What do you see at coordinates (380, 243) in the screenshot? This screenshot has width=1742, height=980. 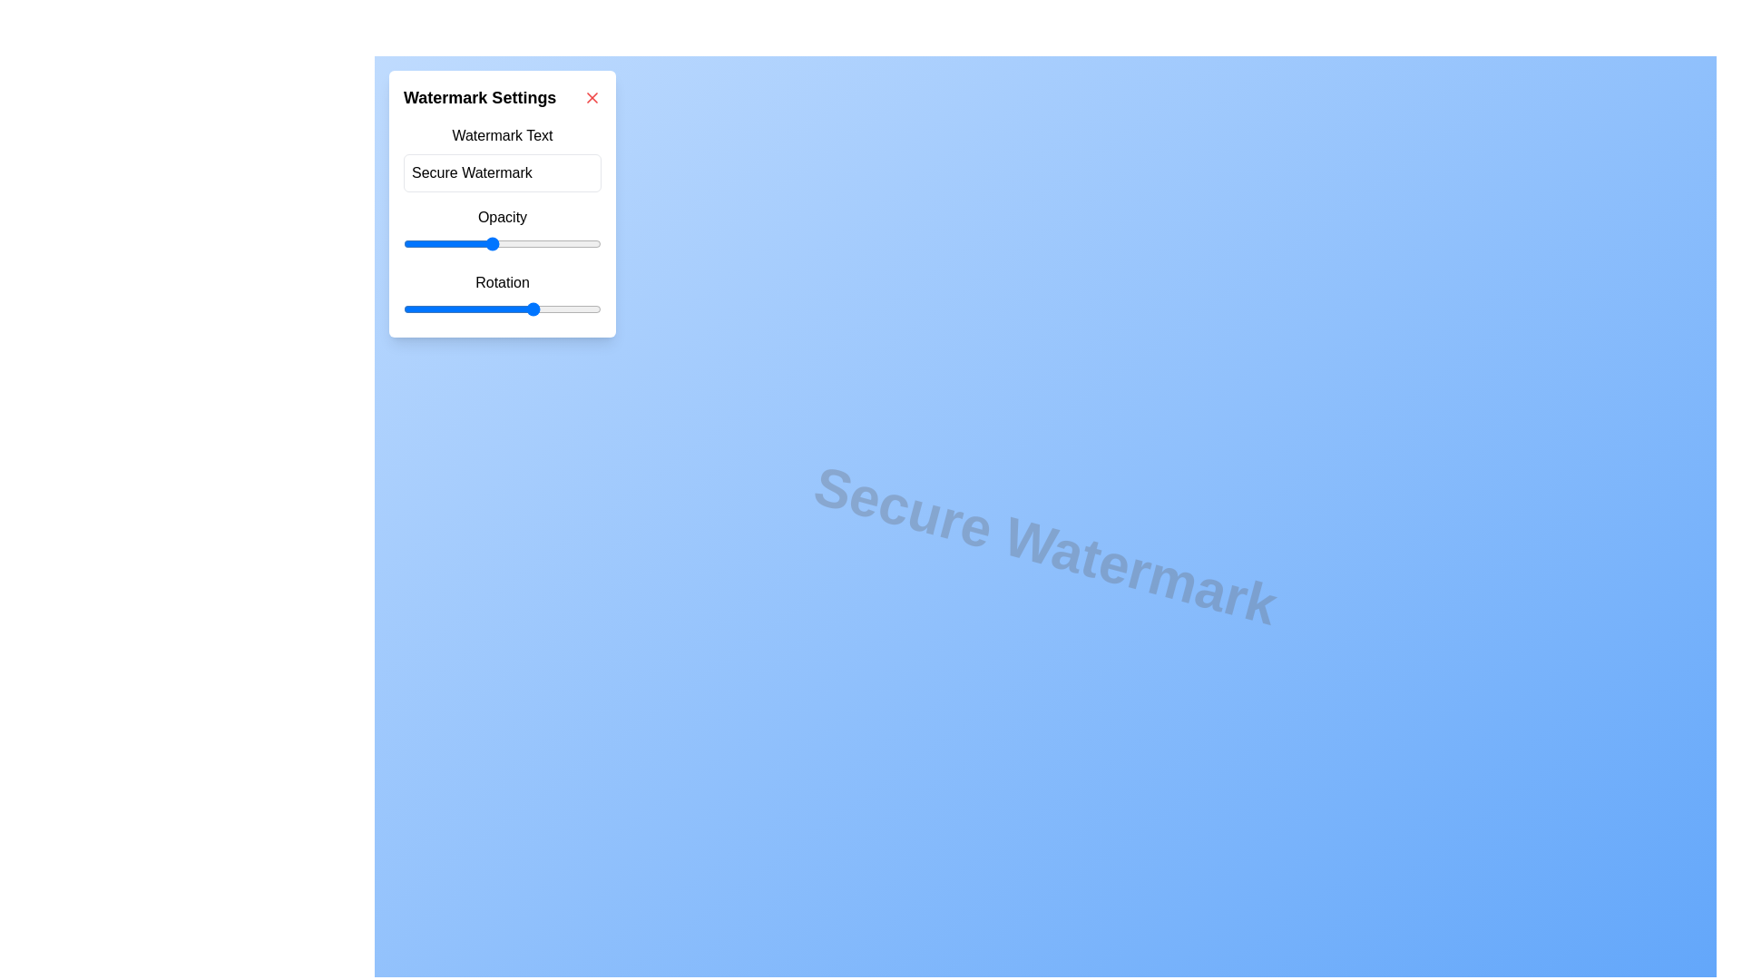 I see `the opacity value` at bounding box center [380, 243].